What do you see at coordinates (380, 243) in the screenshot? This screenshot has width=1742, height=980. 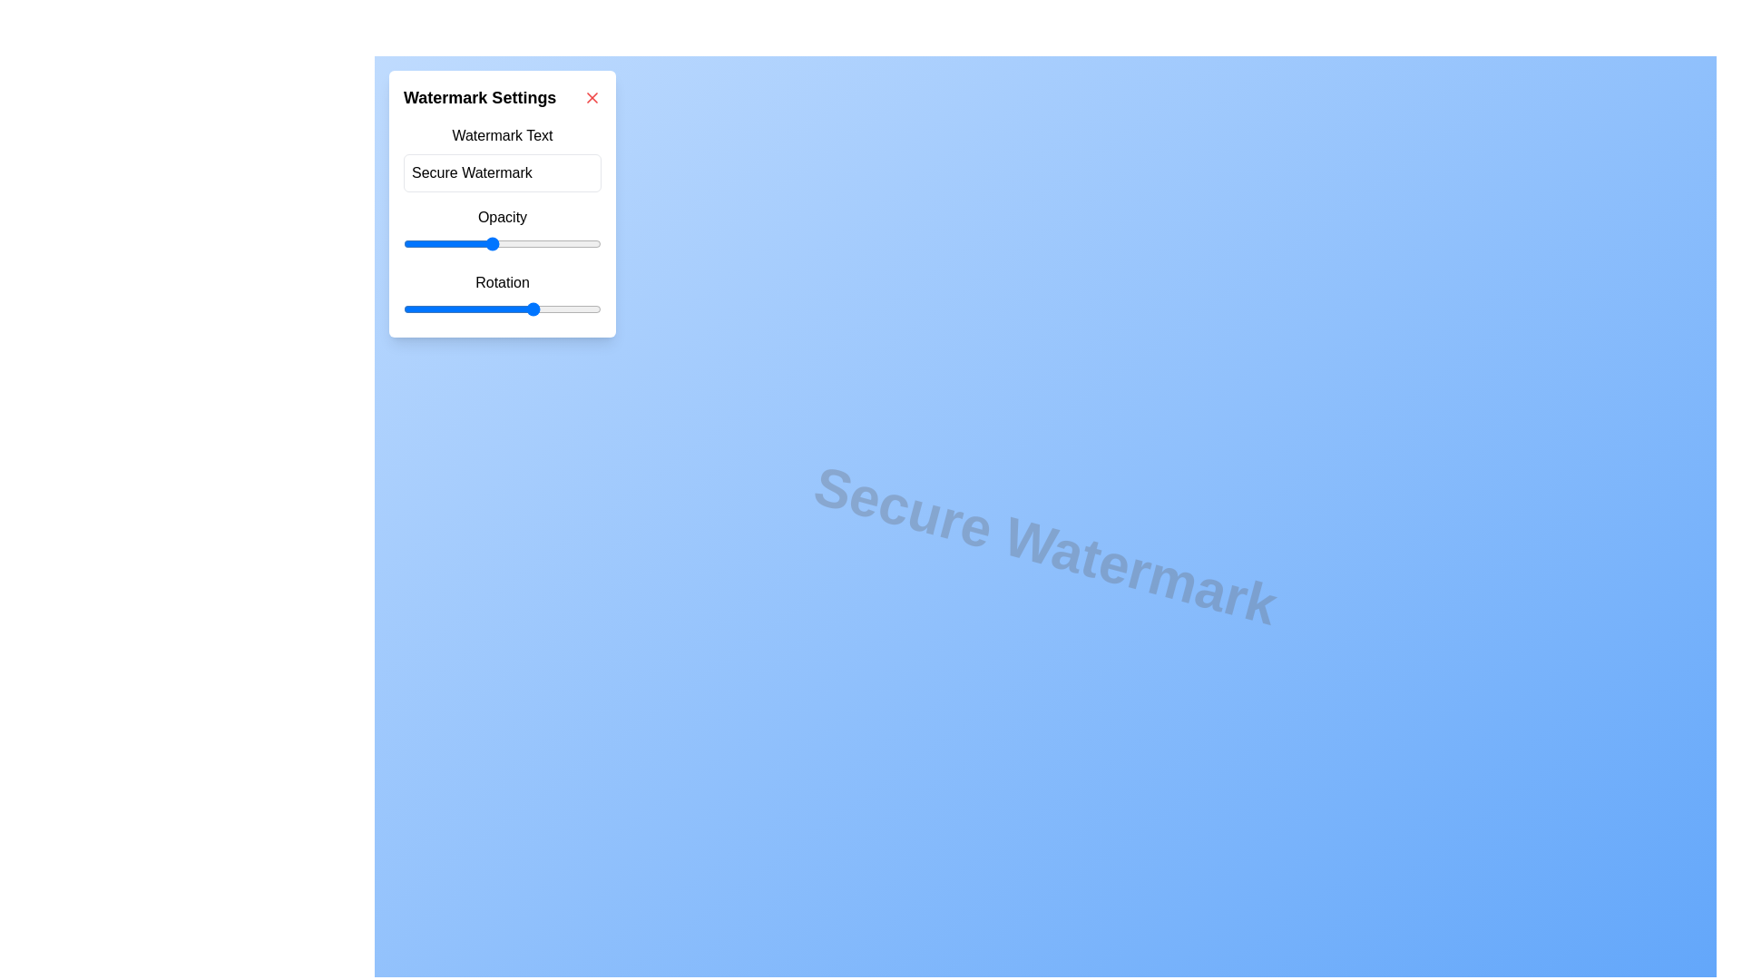 I see `the opacity value` at bounding box center [380, 243].